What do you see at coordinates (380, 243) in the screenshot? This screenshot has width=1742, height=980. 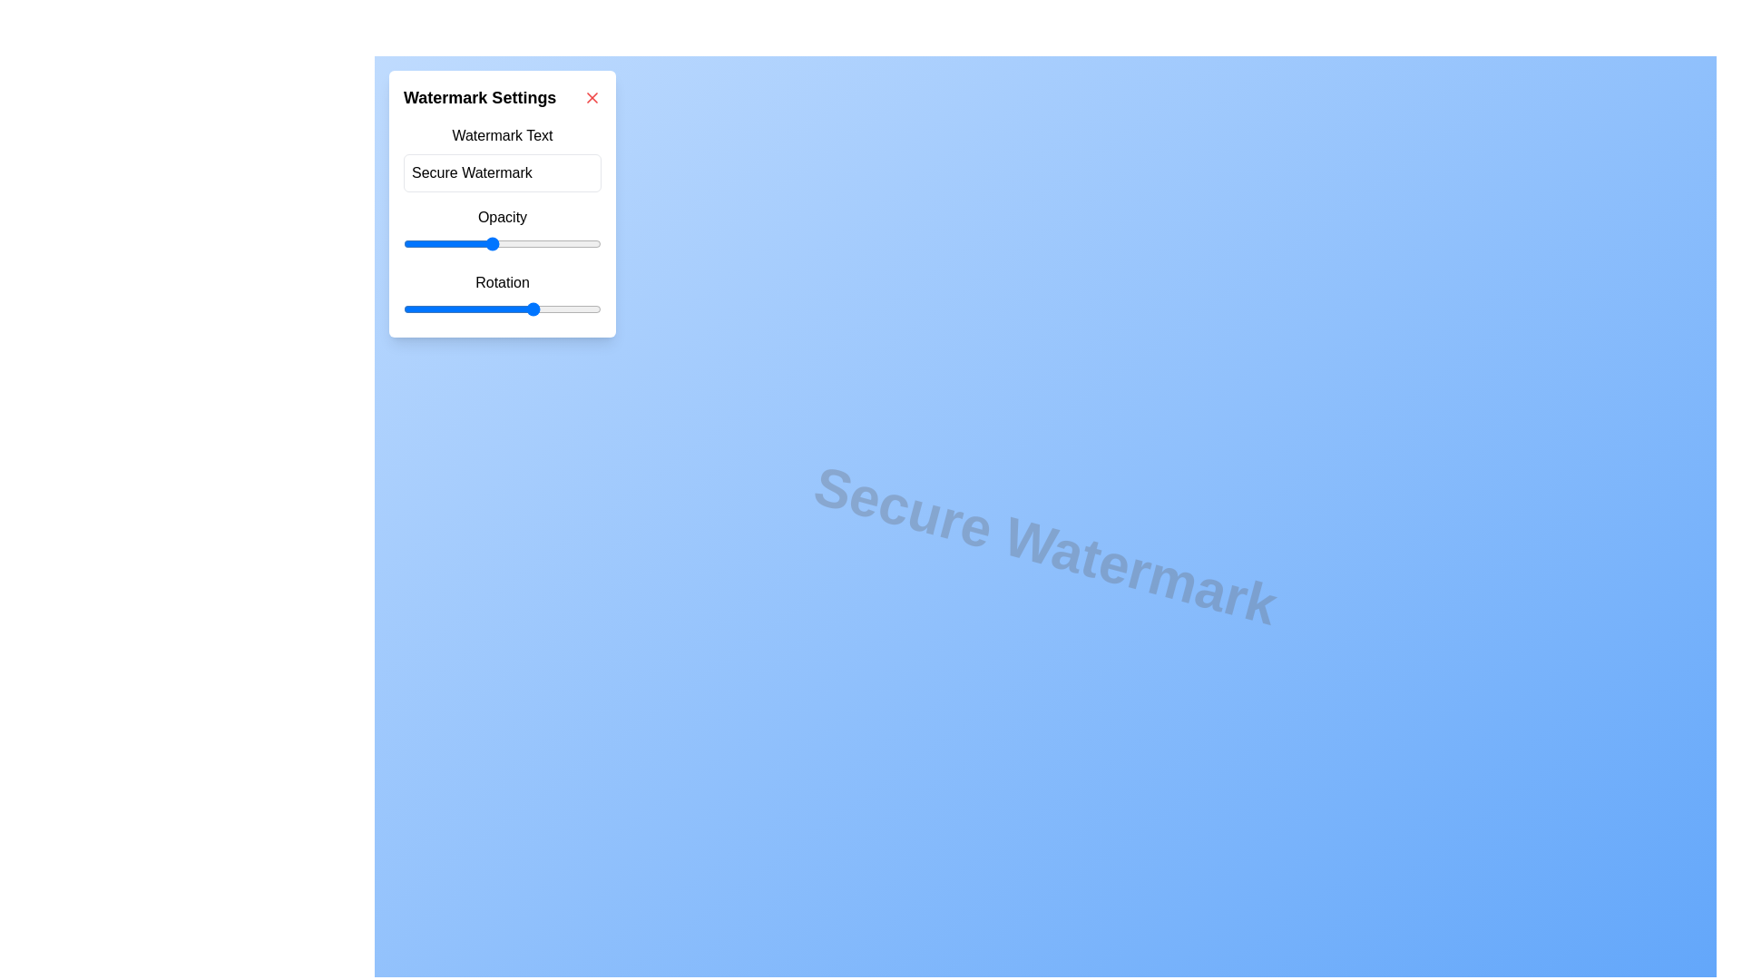 I see `the opacity value` at bounding box center [380, 243].